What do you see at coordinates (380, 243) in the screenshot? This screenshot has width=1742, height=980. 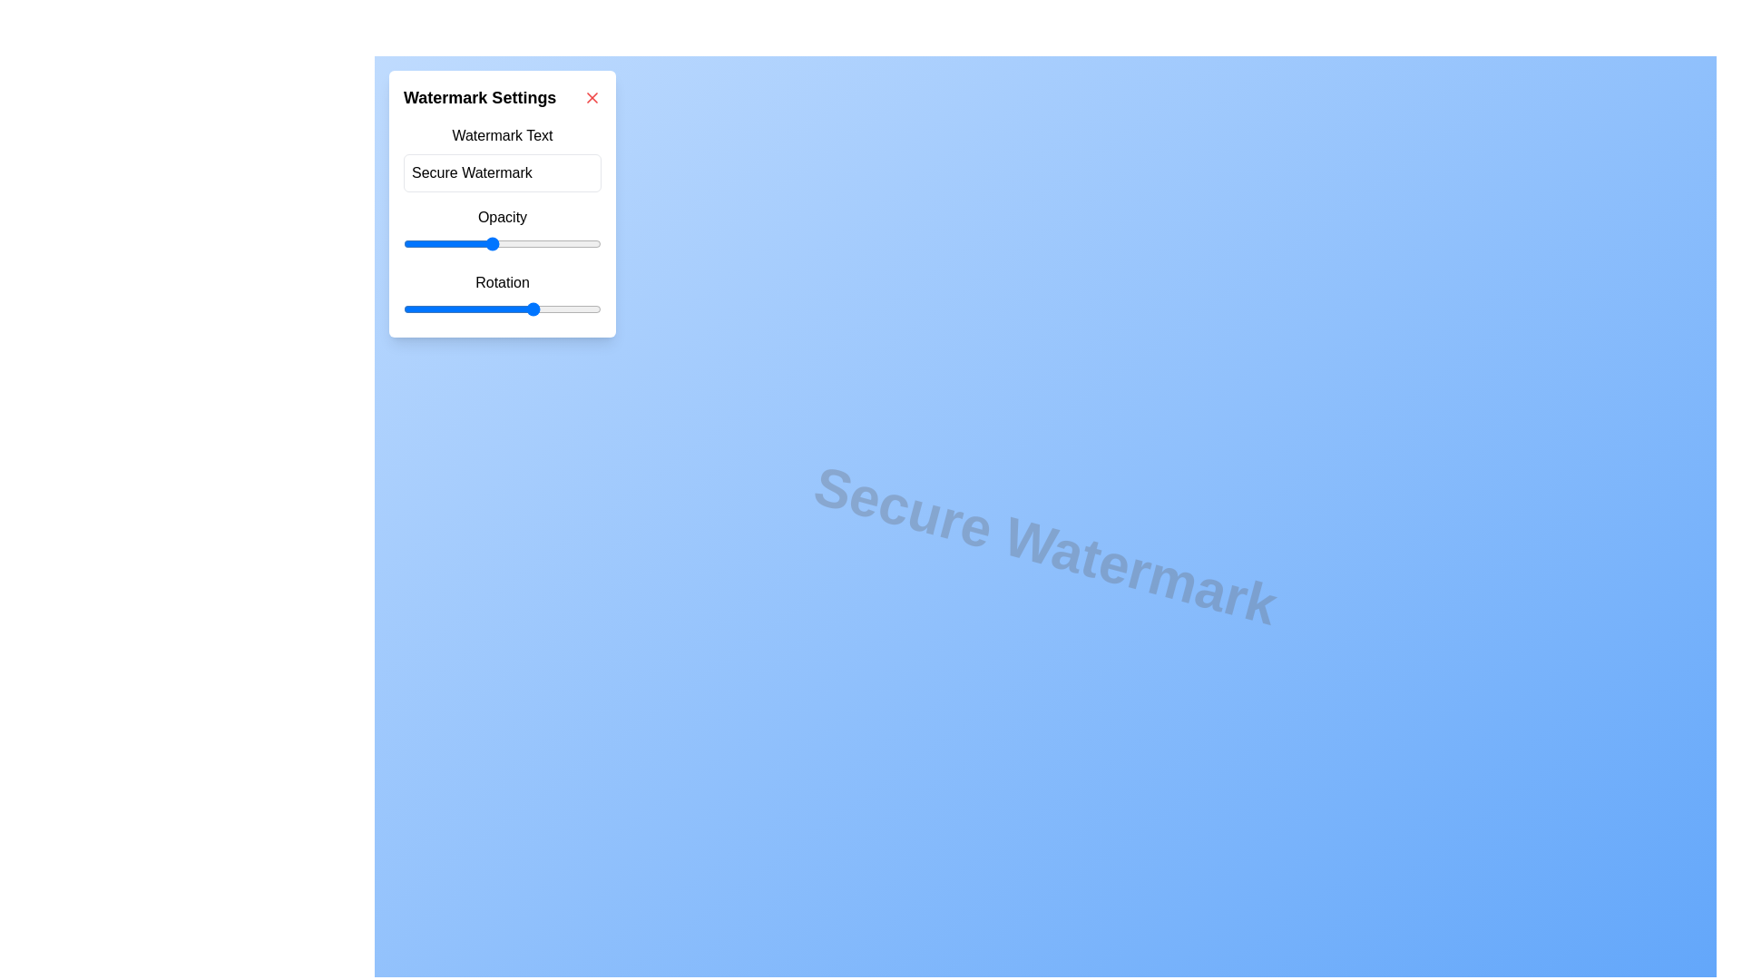 I see `the opacity value` at bounding box center [380, 243].